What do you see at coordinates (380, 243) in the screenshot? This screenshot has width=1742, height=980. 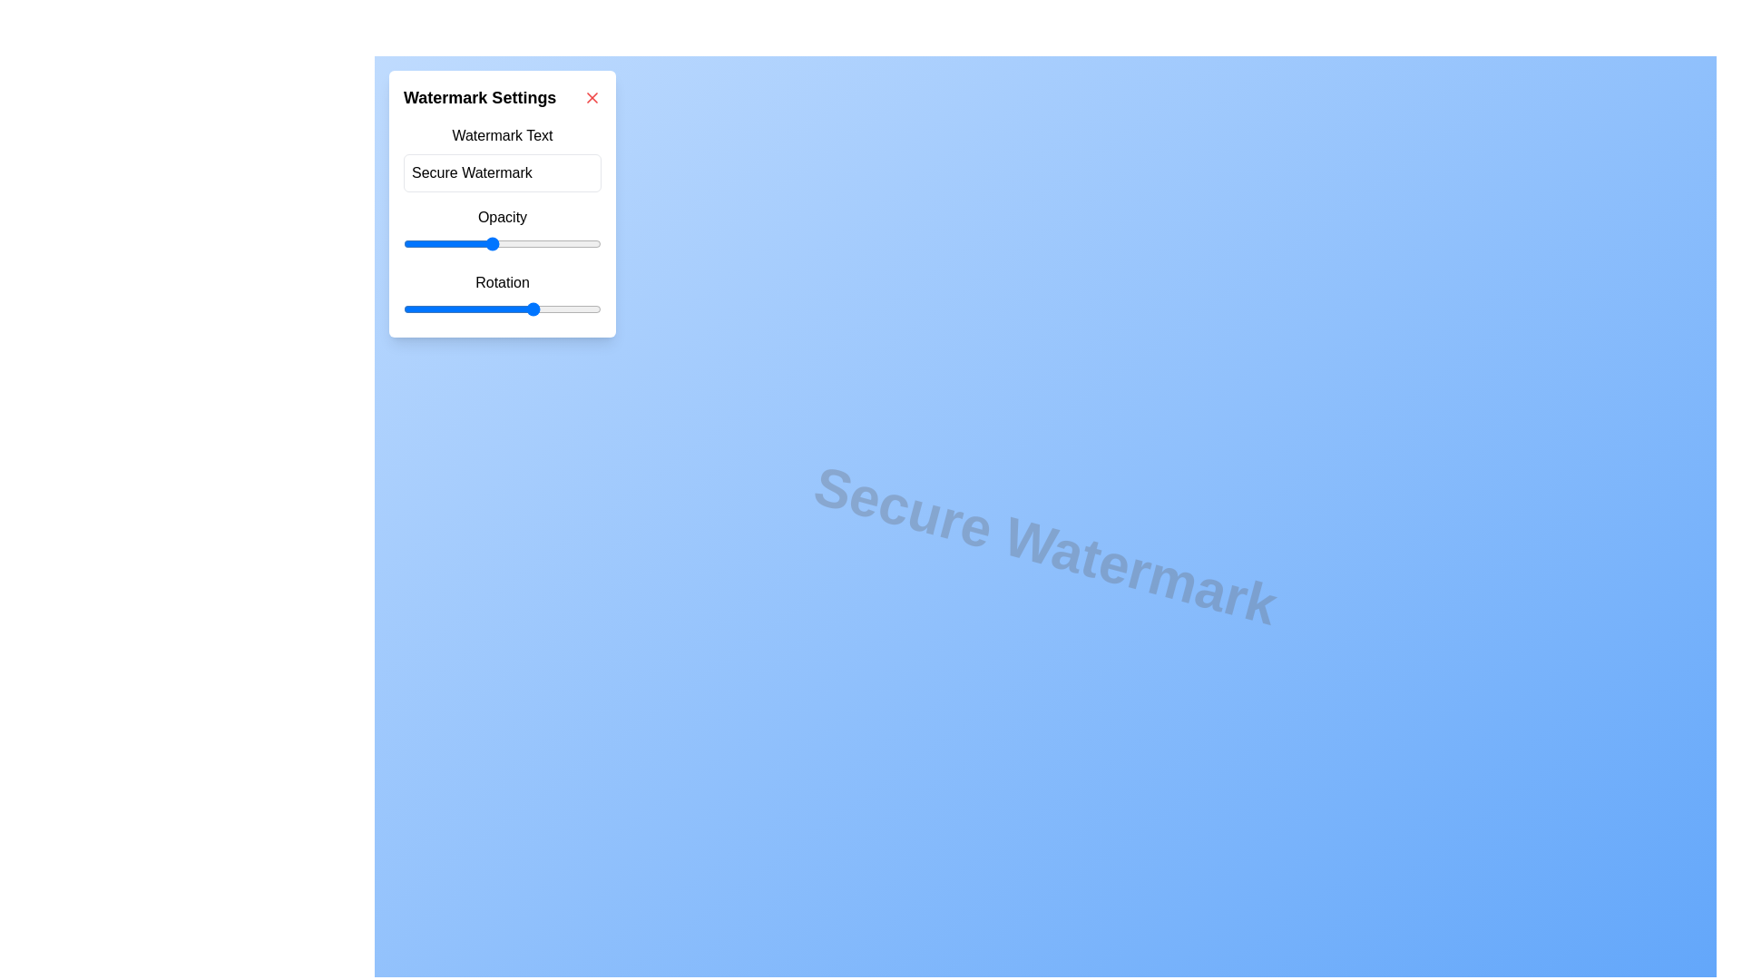 I see `the opacity value` at bounding box center [380, 243].